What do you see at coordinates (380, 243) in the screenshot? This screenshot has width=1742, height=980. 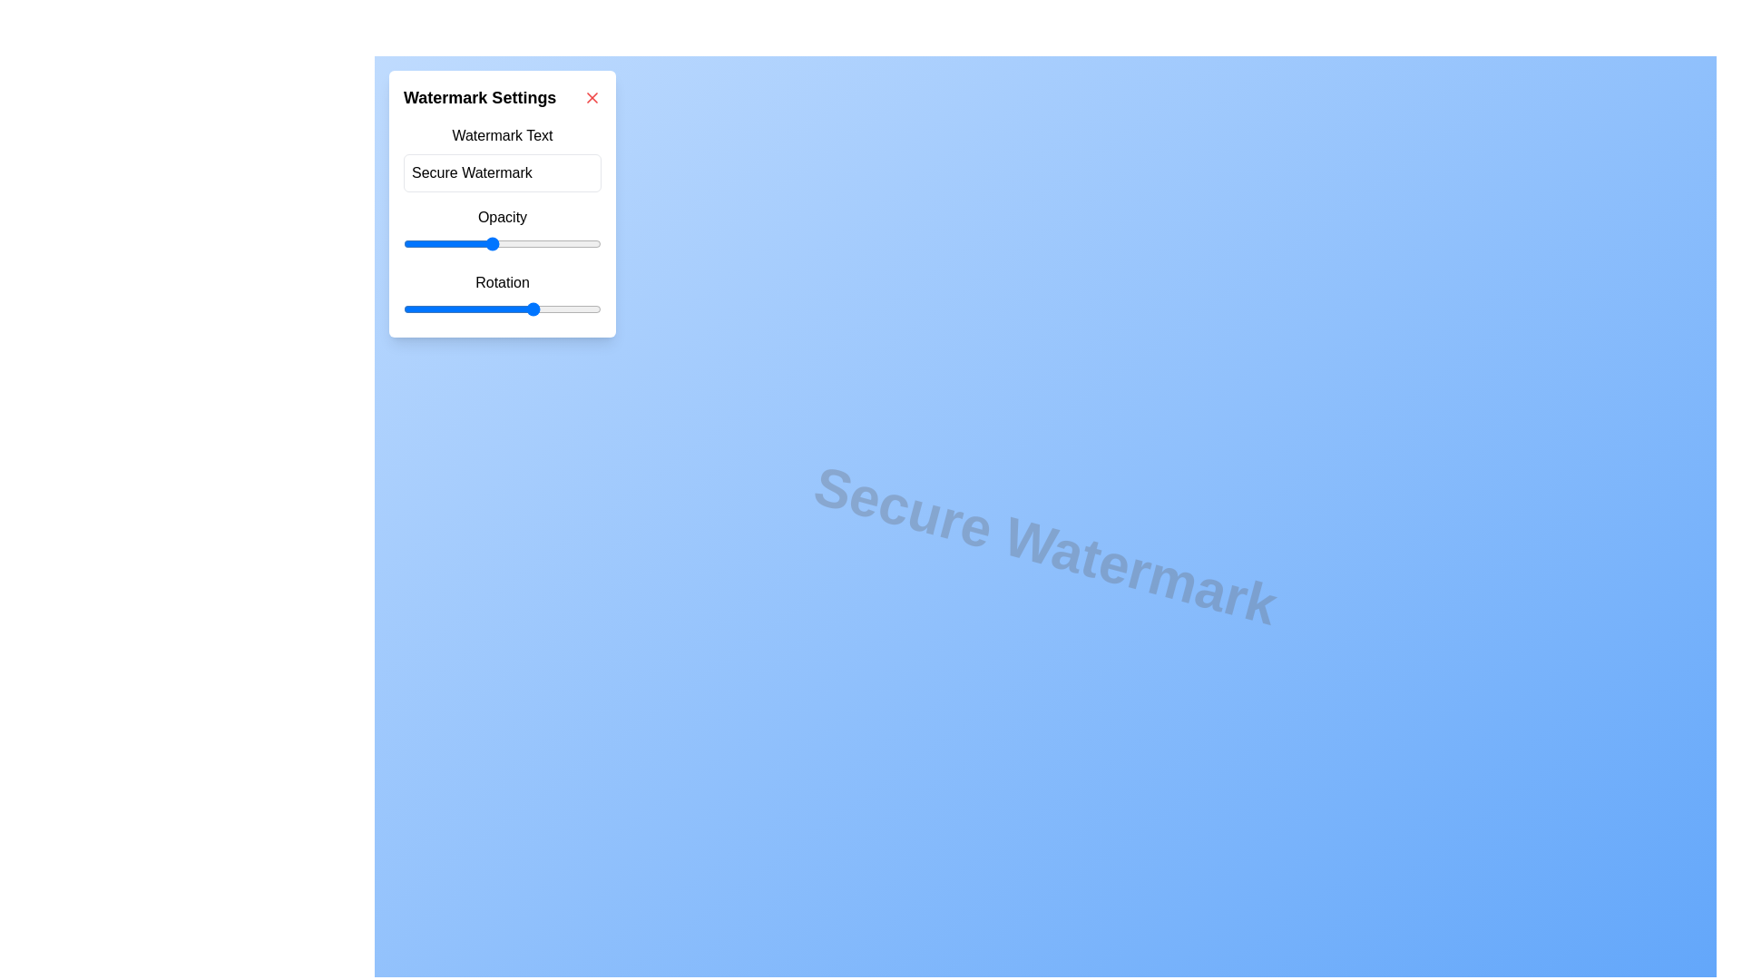 I see `the opacity value` at bounding box center [380, 243].